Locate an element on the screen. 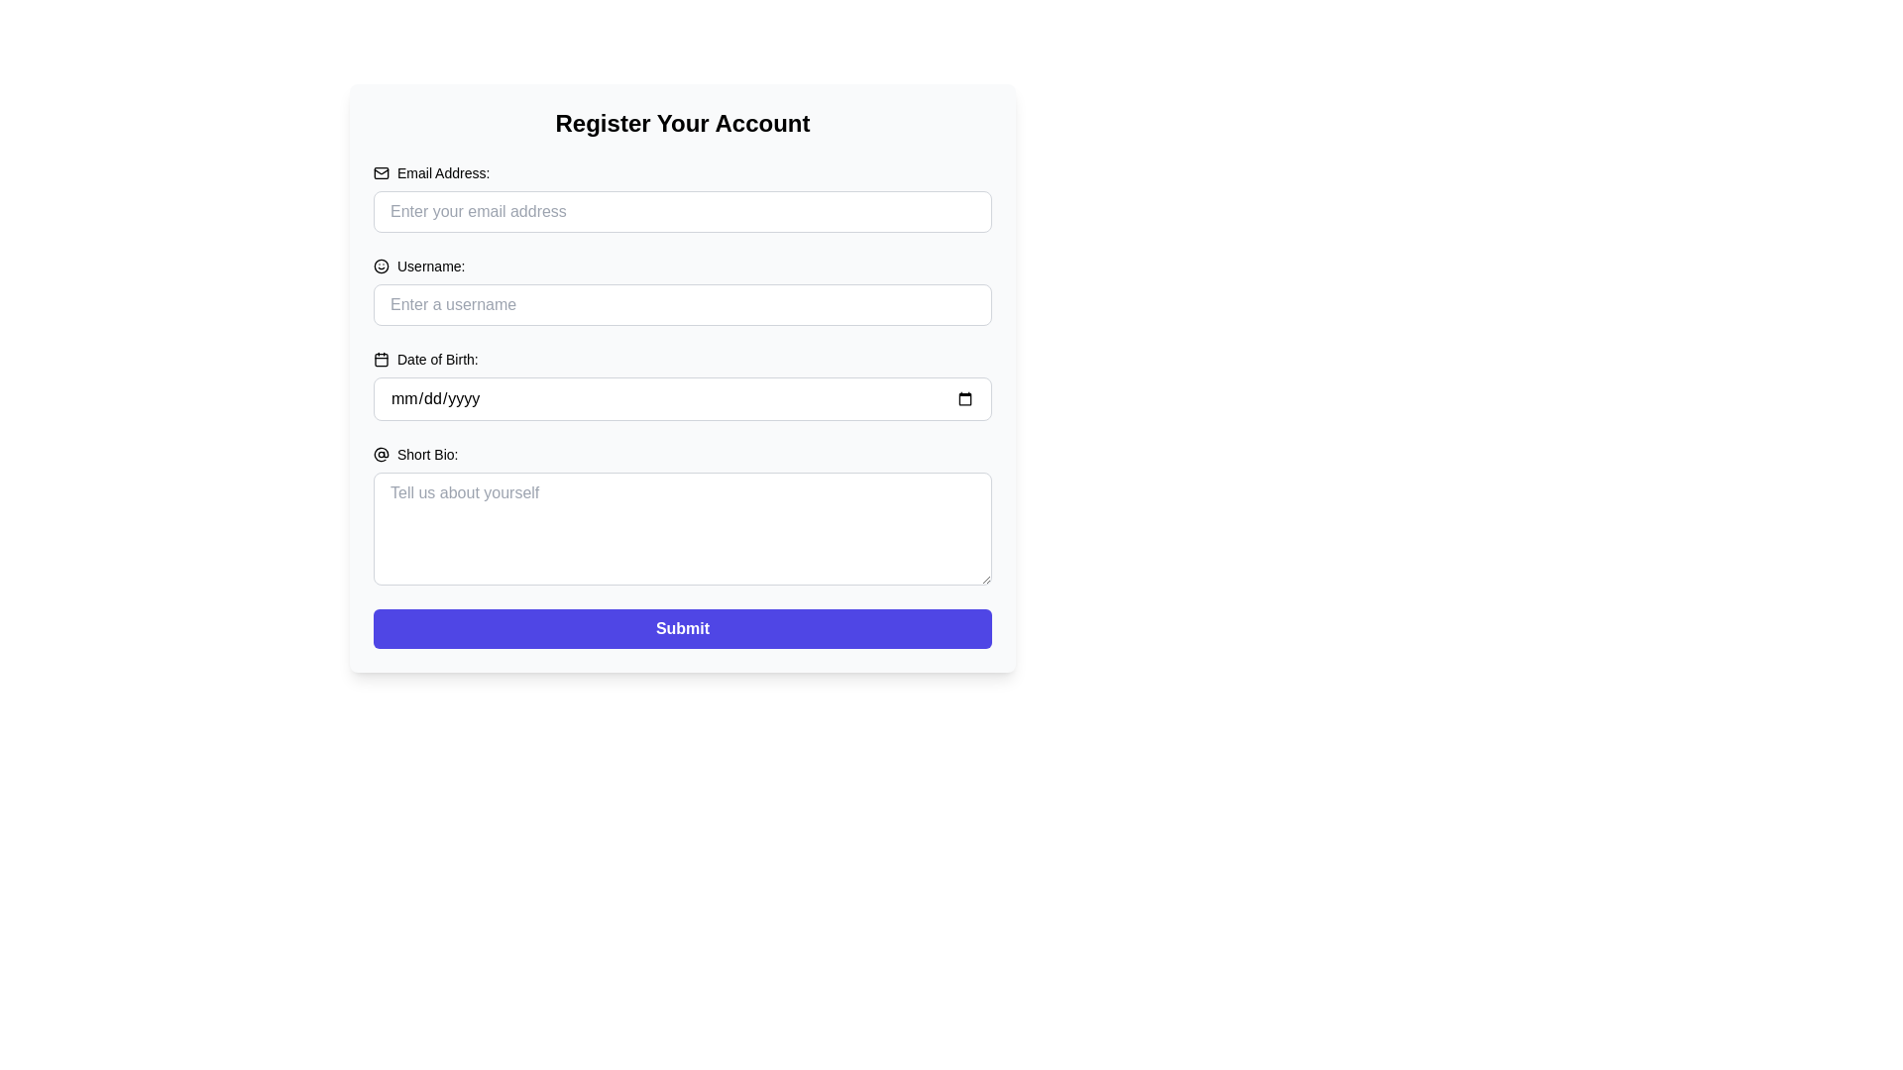  the existing text in the multi-line text input field labeled 'Short Bio:', which is centrally aligned and located below its descriptive label is located at coordinates (683, 527).